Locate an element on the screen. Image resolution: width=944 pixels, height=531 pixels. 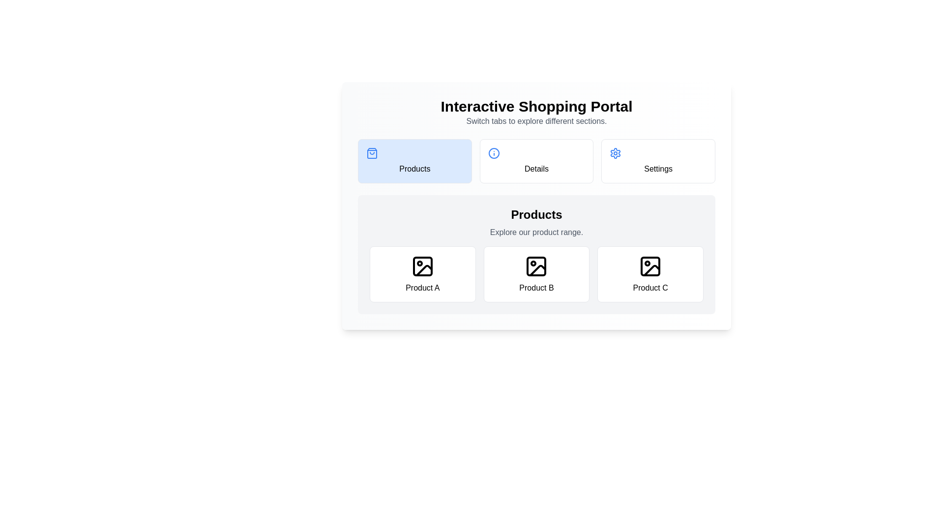
the interactive element Details Tab is located at coordinates (536, 160).